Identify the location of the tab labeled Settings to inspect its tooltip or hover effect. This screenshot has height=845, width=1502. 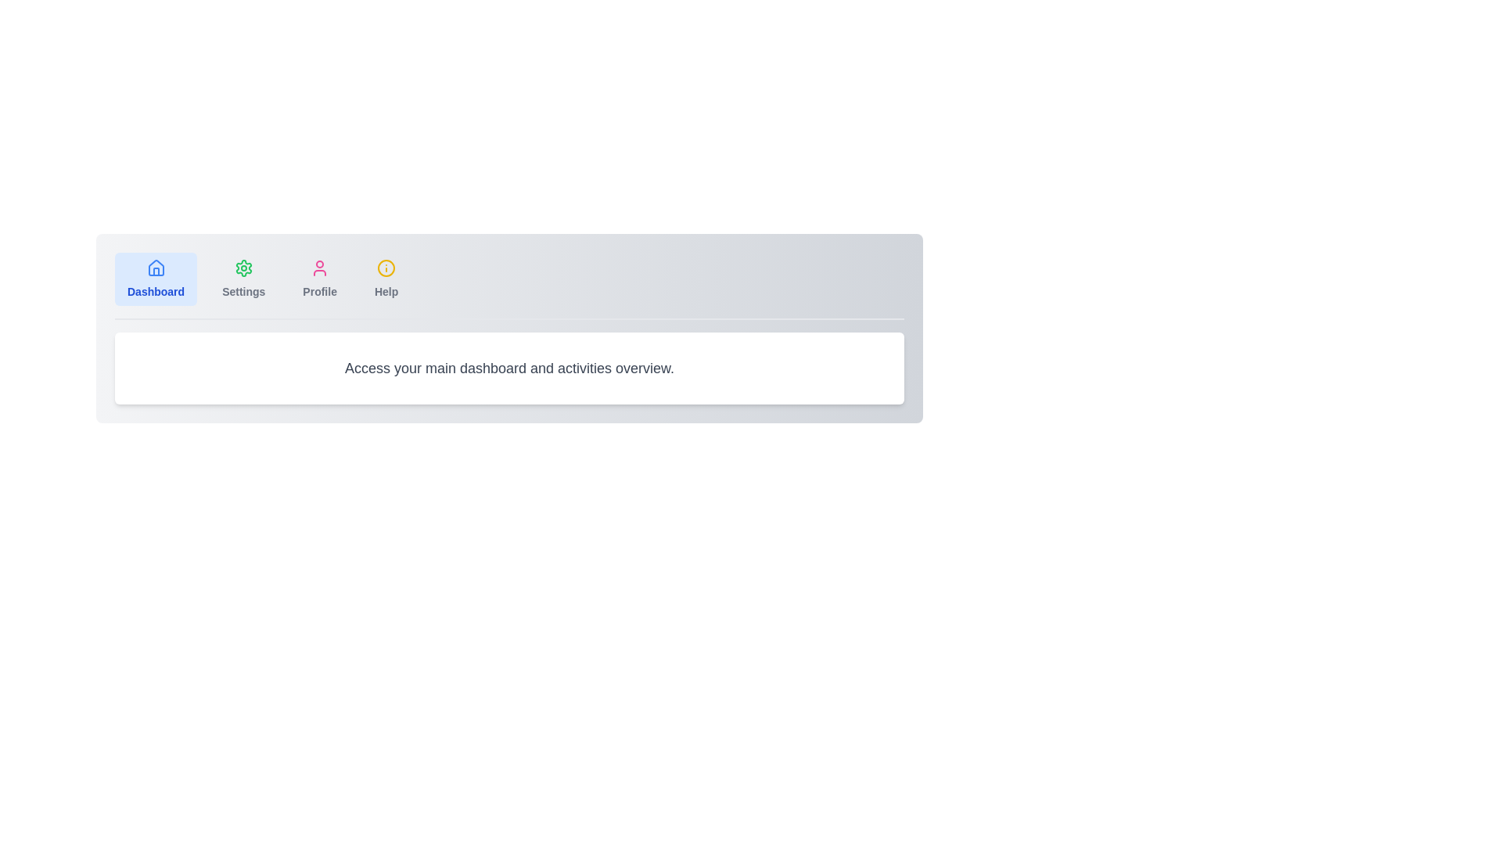
(243, 279).